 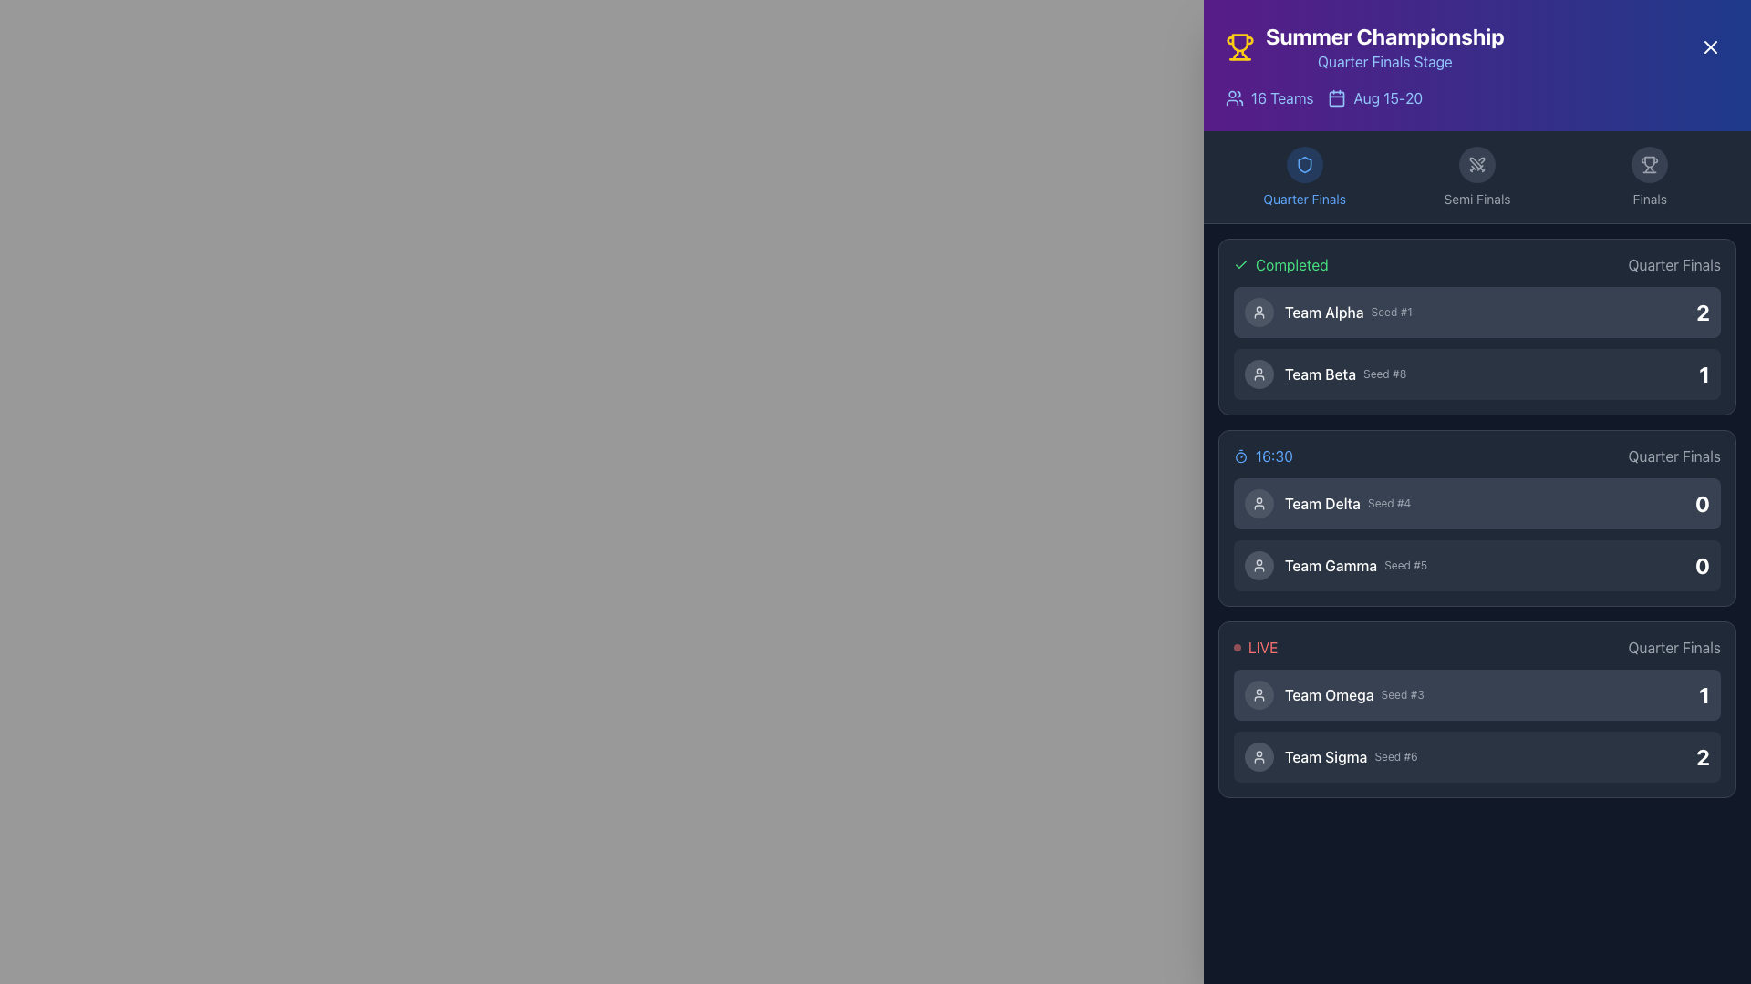 I want to click on the text display showing '16:30' in blue color, which is positioned next to a small timer icon on a dark background, located in the top left section of the card for the match between 'Team Delta' and 'Team Gamma' in the 'Quarter Finals', so click(x=1262, y=456).